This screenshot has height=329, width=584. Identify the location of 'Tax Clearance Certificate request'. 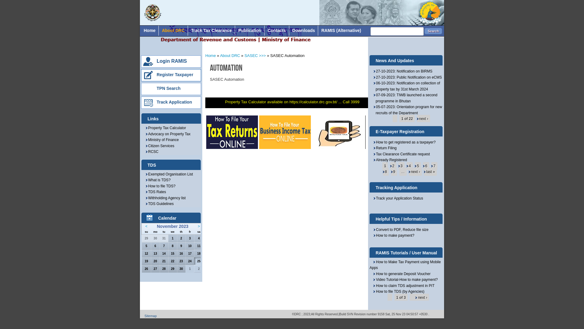
(401, 154).